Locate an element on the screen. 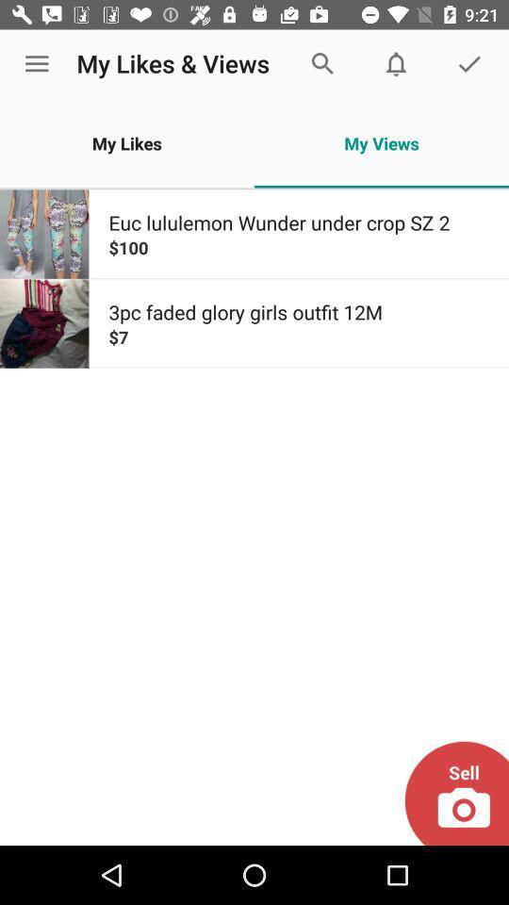  the icon at the bottom right corner is located at coordinates (455, 792).